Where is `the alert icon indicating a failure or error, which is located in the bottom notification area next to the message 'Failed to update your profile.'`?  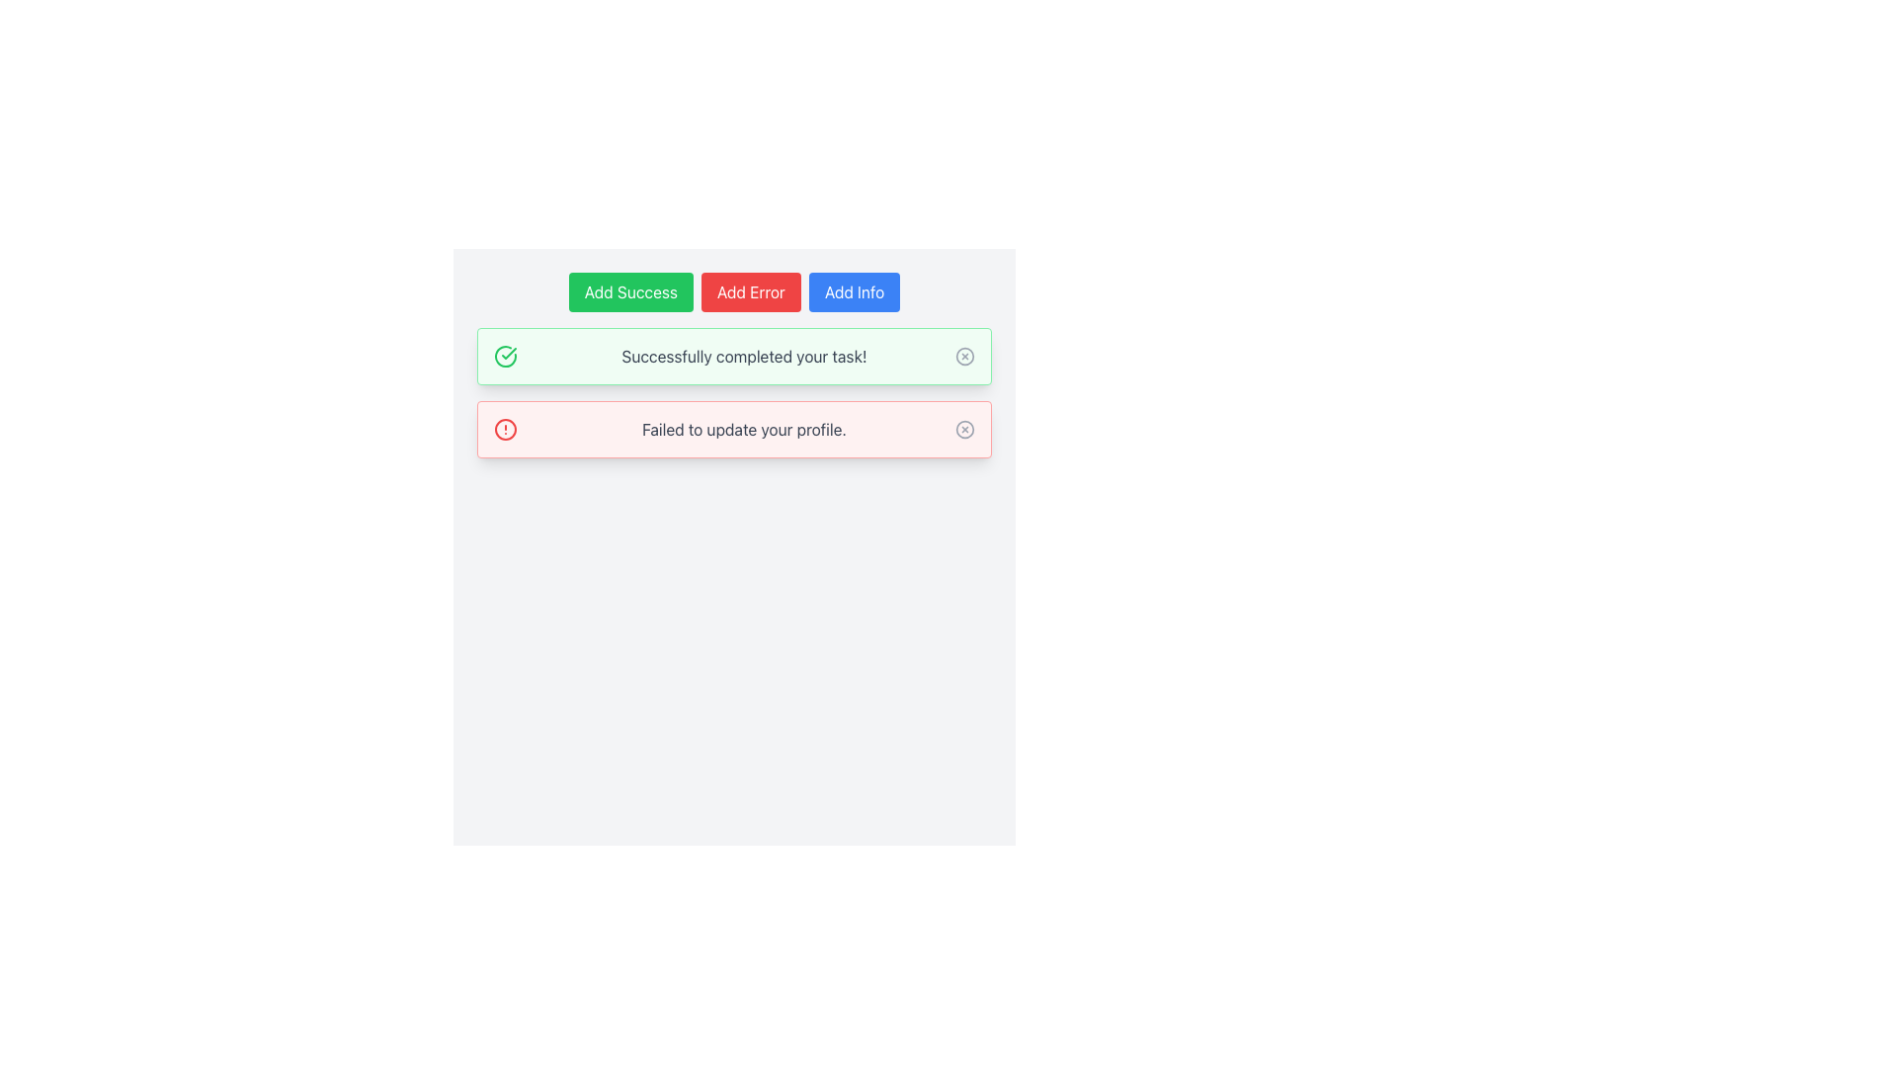 the alert icon indicating a failure or error, which is located in the bottom notification area next to the message 'Failed to update your profile.' is located at coordinates (506, 429).